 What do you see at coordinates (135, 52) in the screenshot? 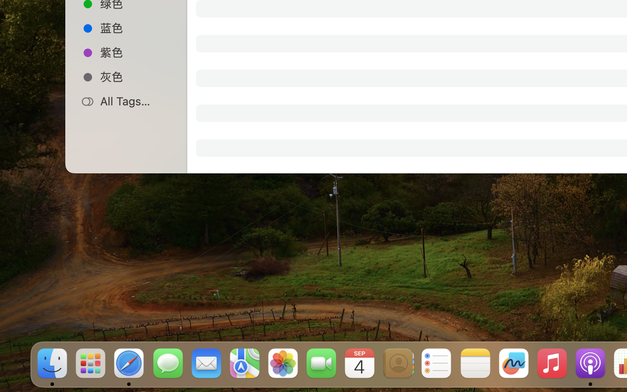
I see `'紫色'` at bounding box center [135, 52].